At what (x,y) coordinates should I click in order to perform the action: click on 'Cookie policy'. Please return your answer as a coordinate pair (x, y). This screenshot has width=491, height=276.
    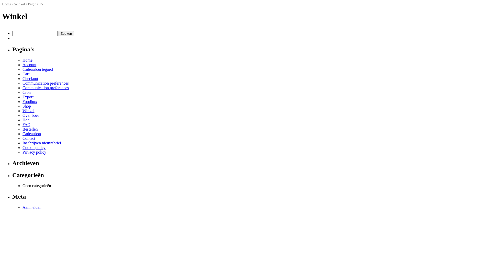
    Looking at the image, I should click on (34, 147).